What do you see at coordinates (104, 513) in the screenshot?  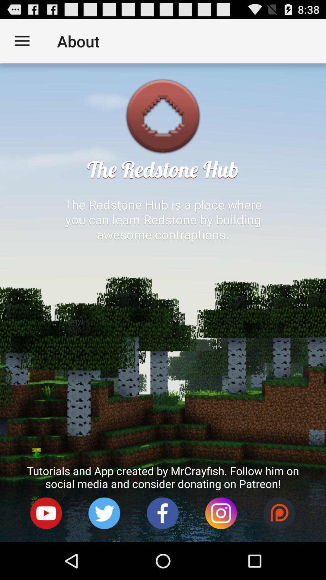 I see `icon below tutorials and app` at bounding box center [104, 513].